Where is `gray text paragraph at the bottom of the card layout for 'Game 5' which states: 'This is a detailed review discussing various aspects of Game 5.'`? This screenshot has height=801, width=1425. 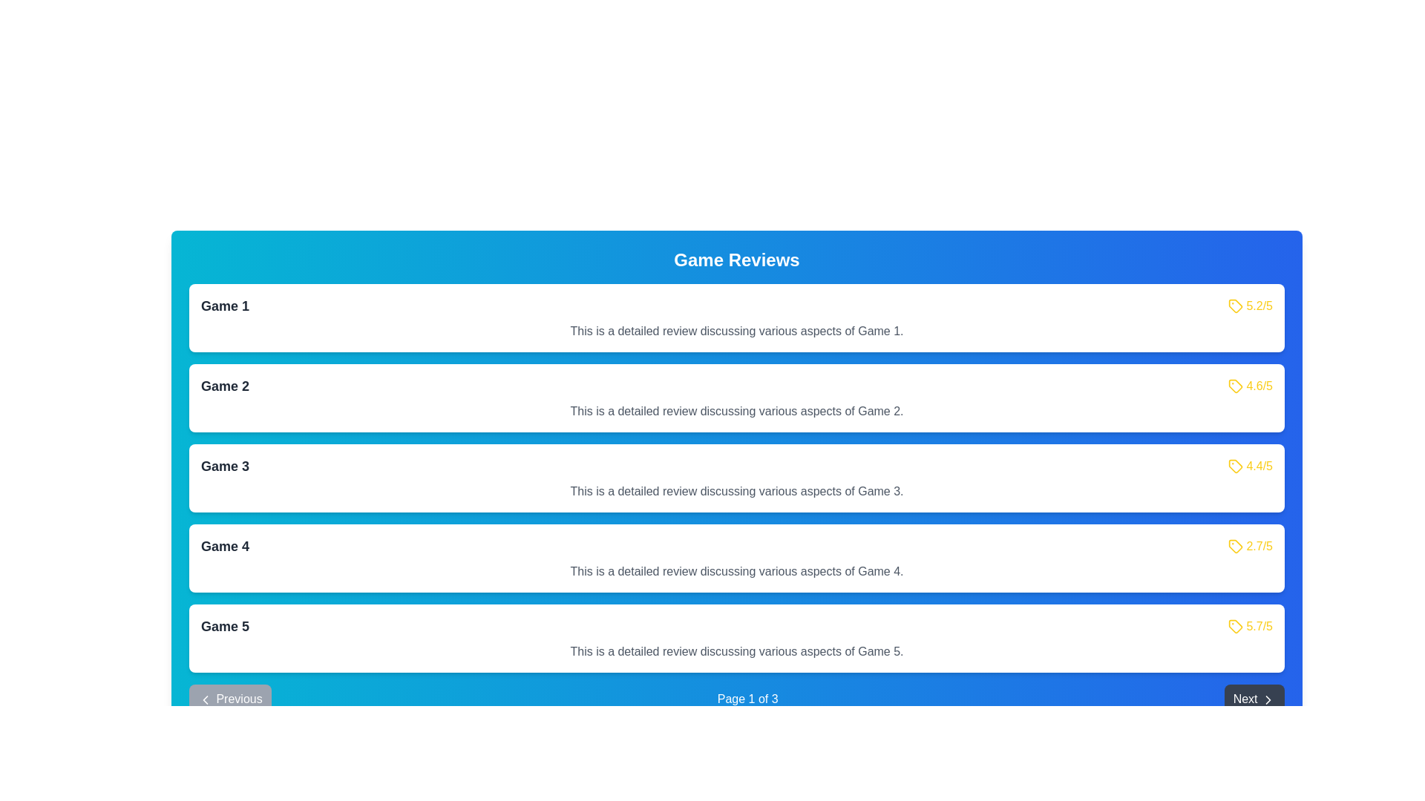 gray text paragraph at the bottom of the card layout for 'Game 5' which states: 'This is a detailed review discussing various aspects of Game 5.' is located at coordinates (737, 651).